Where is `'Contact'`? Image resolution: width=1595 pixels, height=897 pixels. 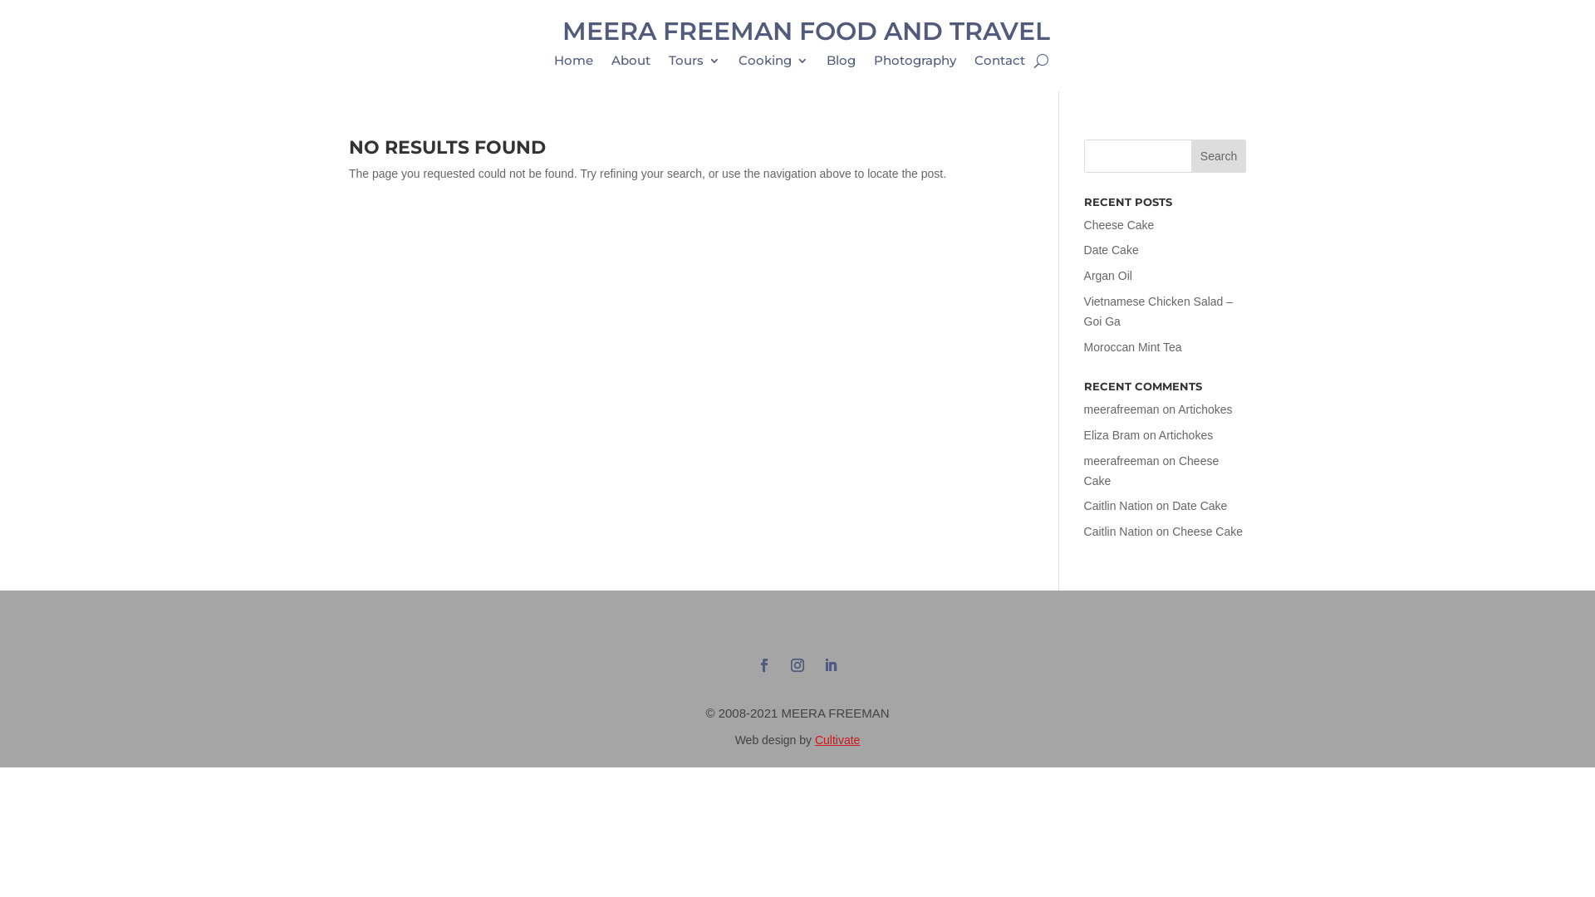
'Contact' is located at coordinates (999, 63).